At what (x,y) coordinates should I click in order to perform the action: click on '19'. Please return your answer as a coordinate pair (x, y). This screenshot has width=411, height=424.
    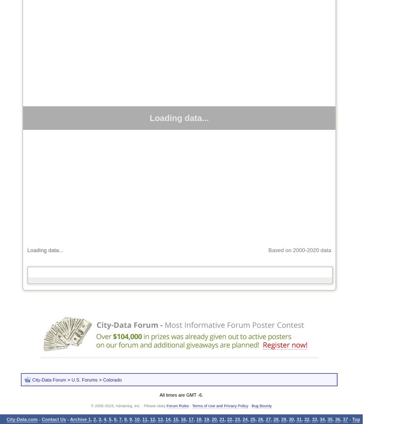
    Looking at the image, I should click on (203, 419).